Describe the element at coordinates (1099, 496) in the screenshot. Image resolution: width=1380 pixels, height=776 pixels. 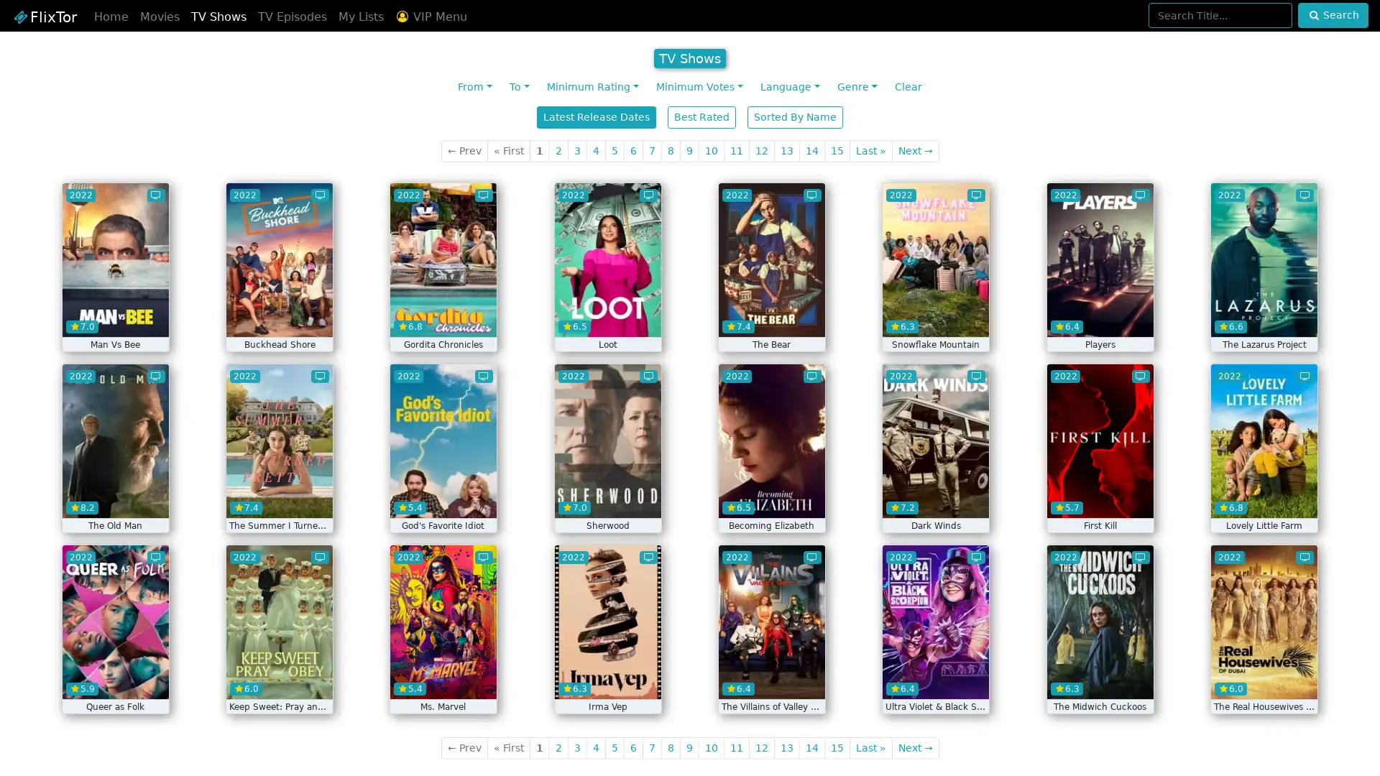
I see `Watch Now` at that location.